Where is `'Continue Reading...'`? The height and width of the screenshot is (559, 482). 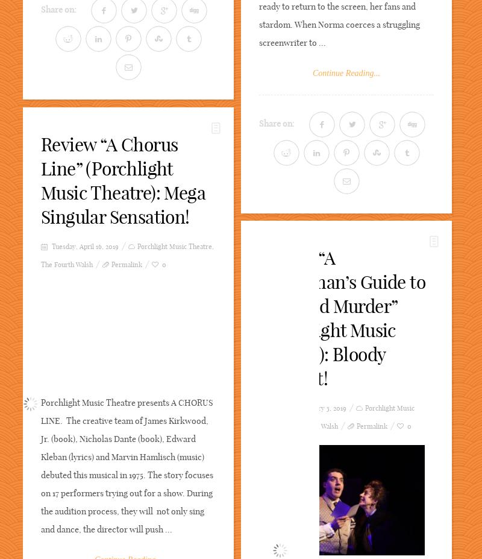
'Continue Reading...' is located at coordinates (312, 72).